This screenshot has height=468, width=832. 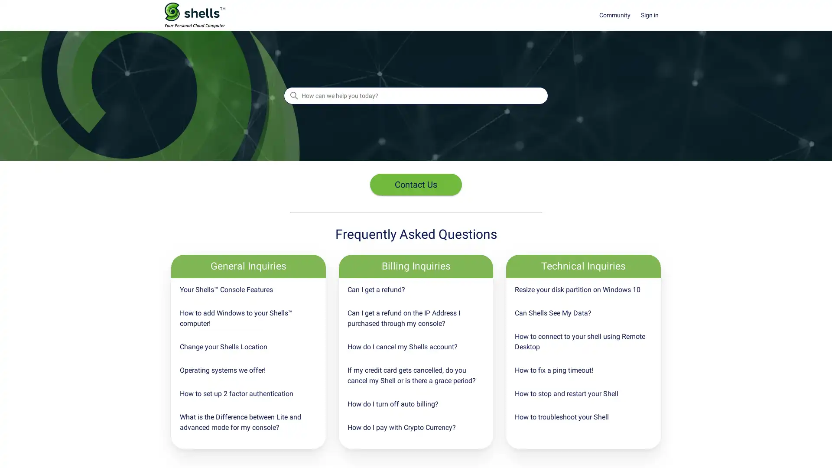 What do you see at coordinates (654, 15) in the screenshot?
I see `Sign in` at bounding box center [654, 15].